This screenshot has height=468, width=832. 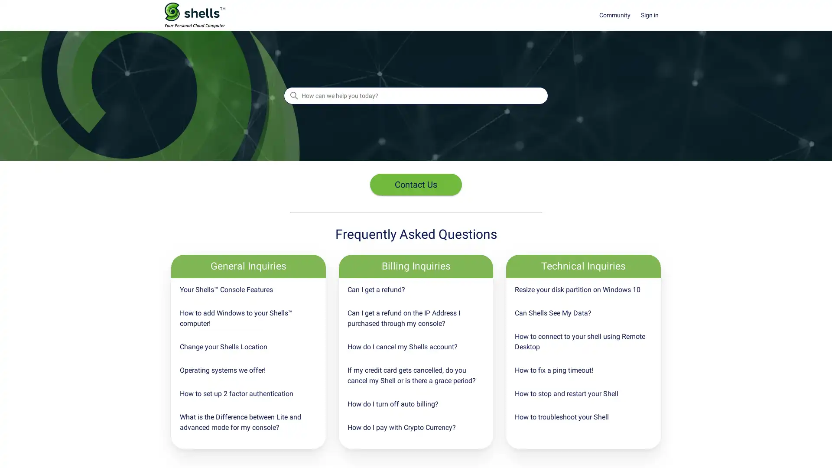 What do you see at coordinates (654, 15) in the screenshot?
I see `Sign in` at bounding box center [654, 15].